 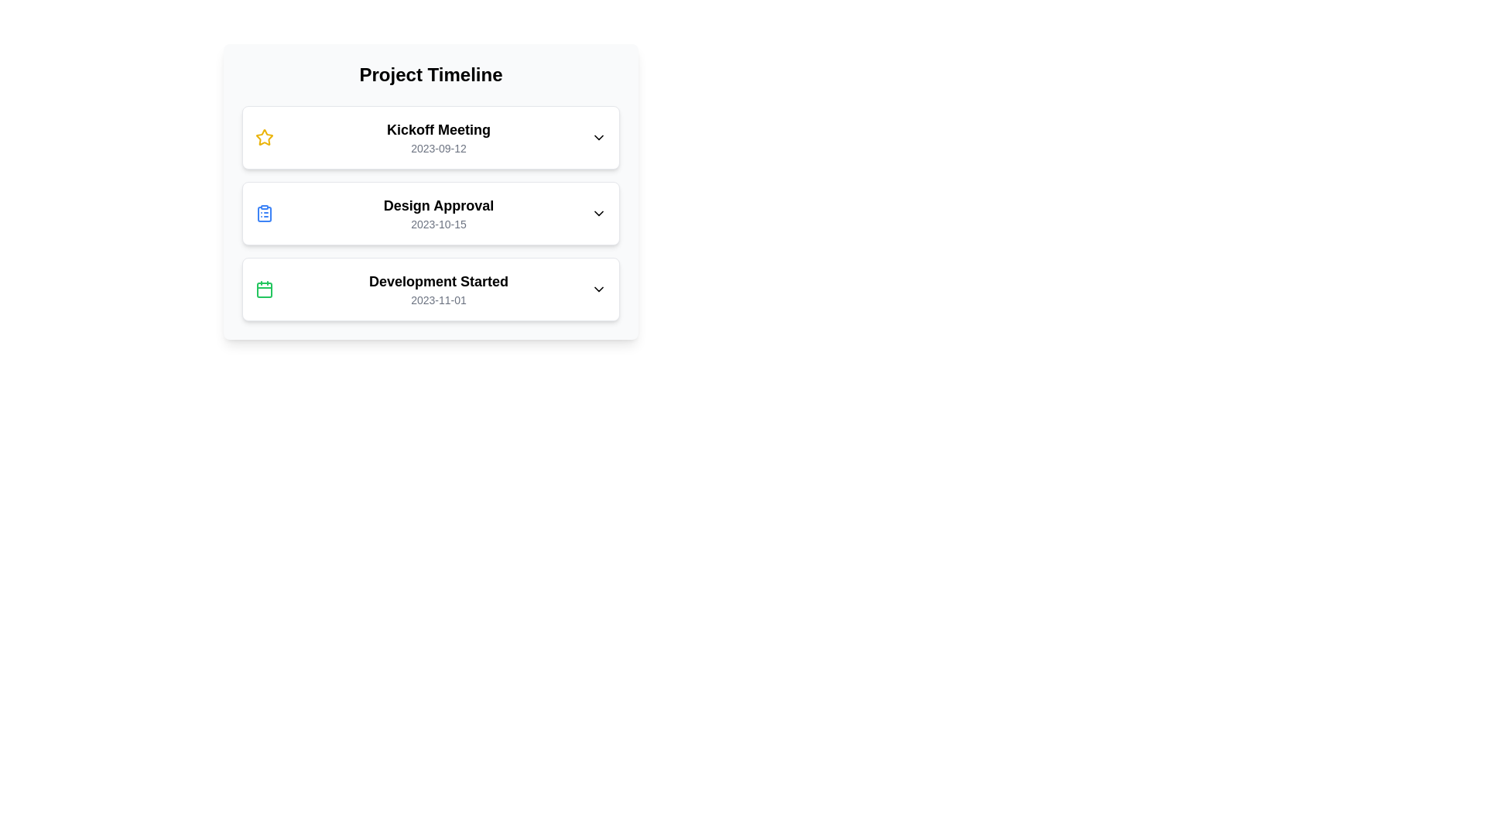 What do you see at coordinates (430, 136) in the screenshot?
I see `the first card in the project timeline, located directly below the header 'Project Timeline'` at bounding box center [430, 136].